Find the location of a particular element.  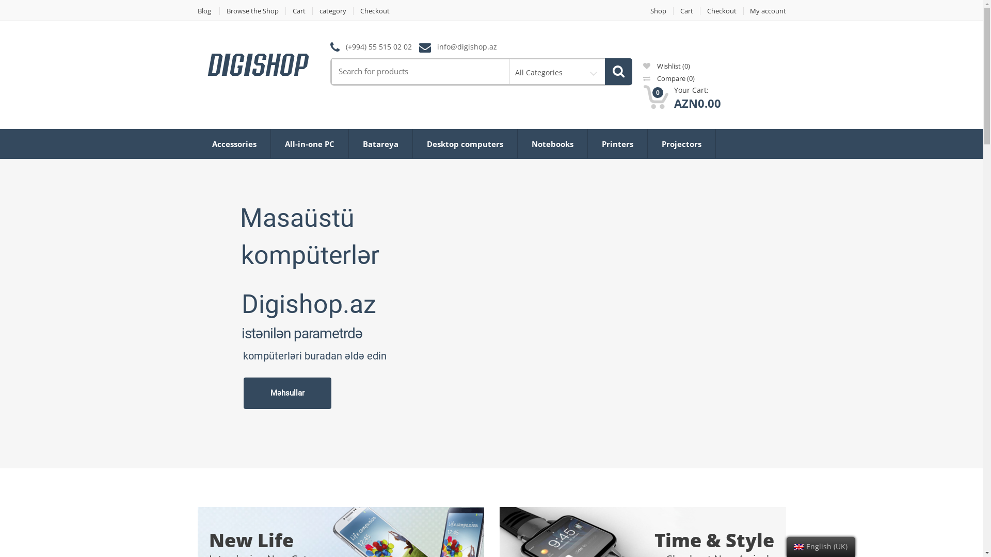

'Compare (0)' is located at coordinates (669, 77).